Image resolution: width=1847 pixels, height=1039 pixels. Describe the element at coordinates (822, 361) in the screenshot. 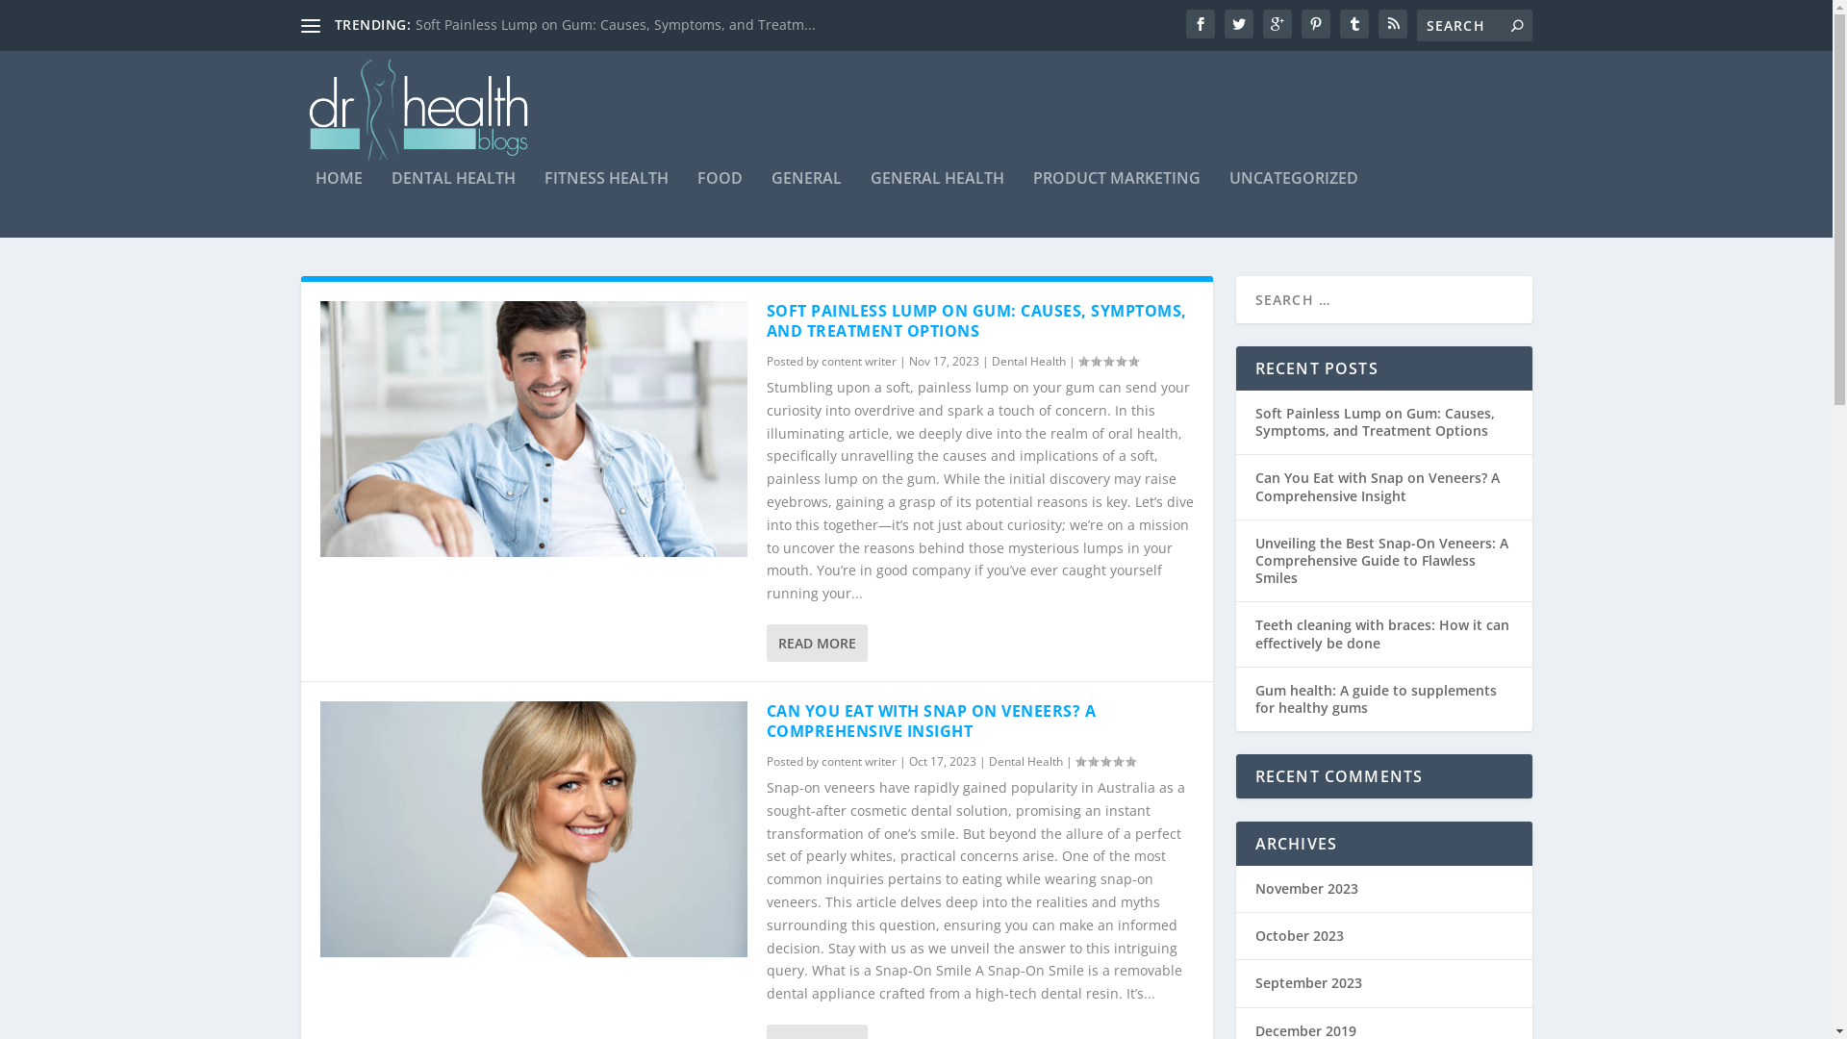

I see `'content writer'` at that location.